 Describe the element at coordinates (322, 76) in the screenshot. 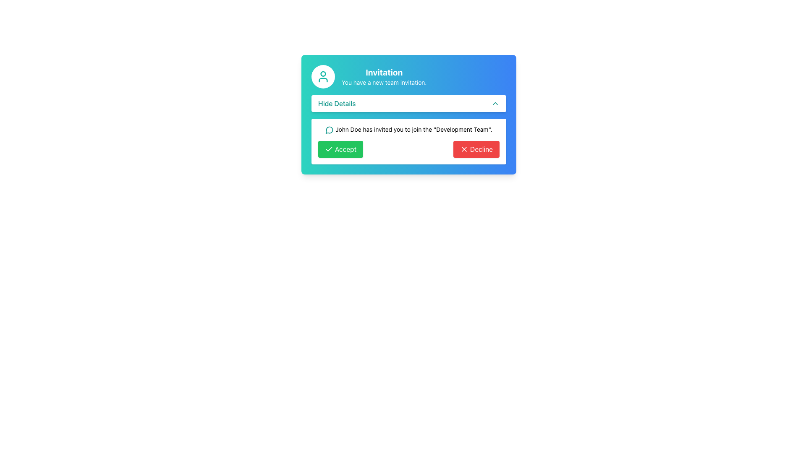

I see `the user icon with a teal outline of a person within a white circular area, located near the title 'Invitation'` at that location.